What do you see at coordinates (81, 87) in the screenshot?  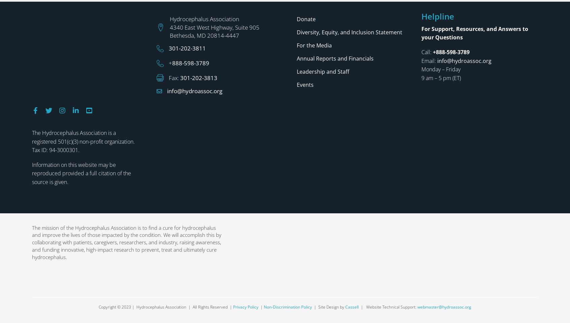 I see `'Information on this website may be reproduced provided a full citation of the source is given.'` at bounding box center [81, 87].